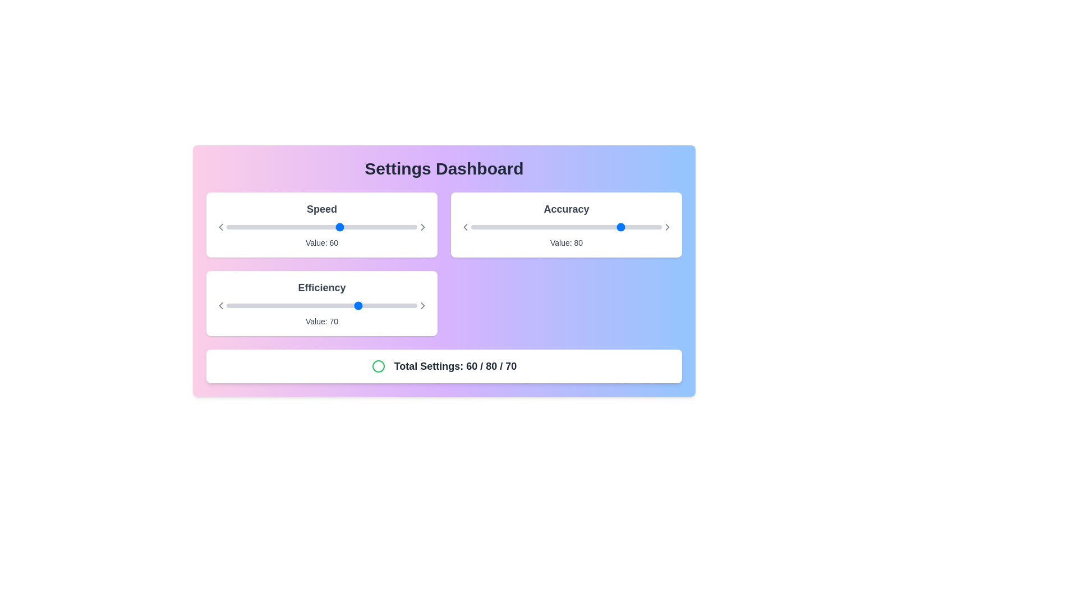 This screenshot has height=606, width=1077. Describe the element at coordinates (388, 305) in the screenshot. I see `efficiency` at that location.